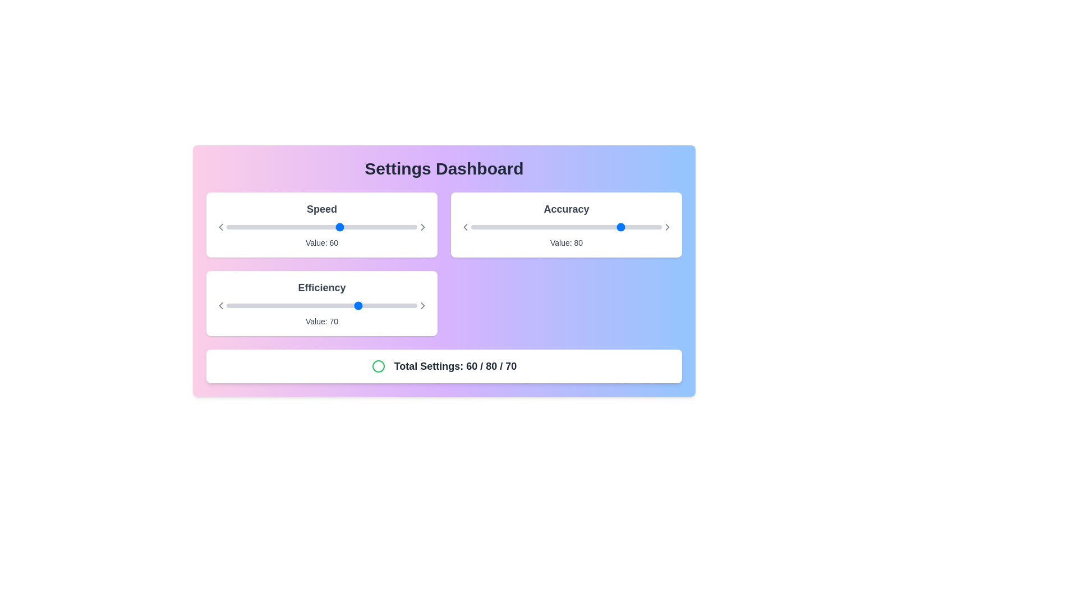 This screenshot has height=606, width=1077. Describe the element at coordinates (388, 305) in the screenshot. I see `efficiency` at that location.